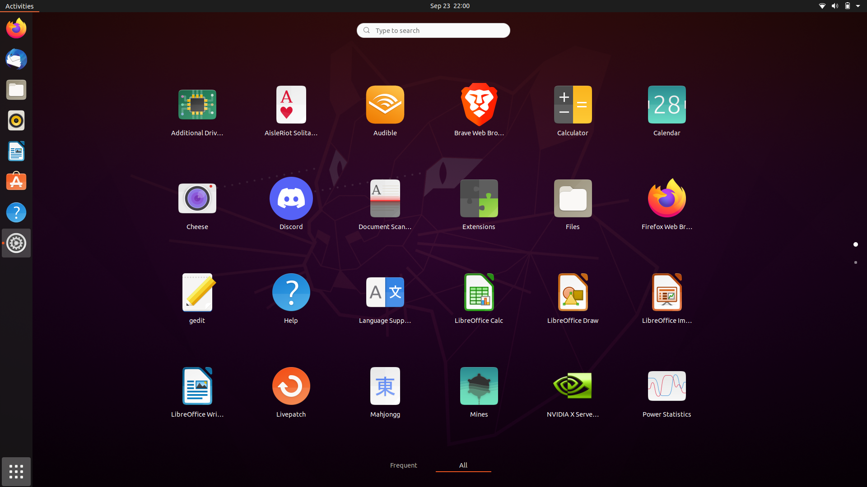  Describe the element at coordinates (433, 29) in the screenshot. I see `"Google" application` at that location.